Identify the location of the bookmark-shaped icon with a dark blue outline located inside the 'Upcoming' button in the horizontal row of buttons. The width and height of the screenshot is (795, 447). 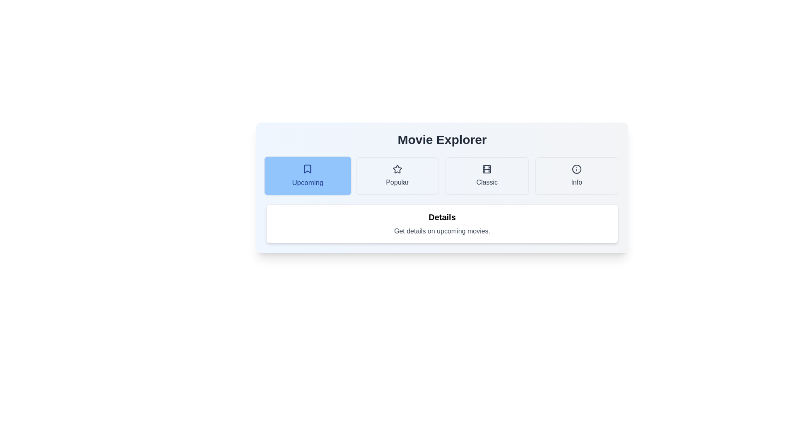
(307, 168).